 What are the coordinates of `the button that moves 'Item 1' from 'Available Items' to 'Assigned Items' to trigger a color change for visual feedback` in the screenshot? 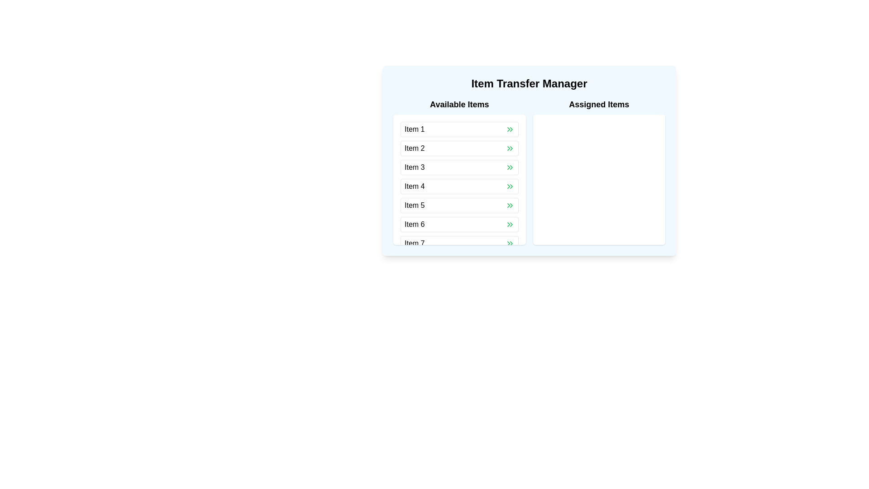 It's located at (510, 129).